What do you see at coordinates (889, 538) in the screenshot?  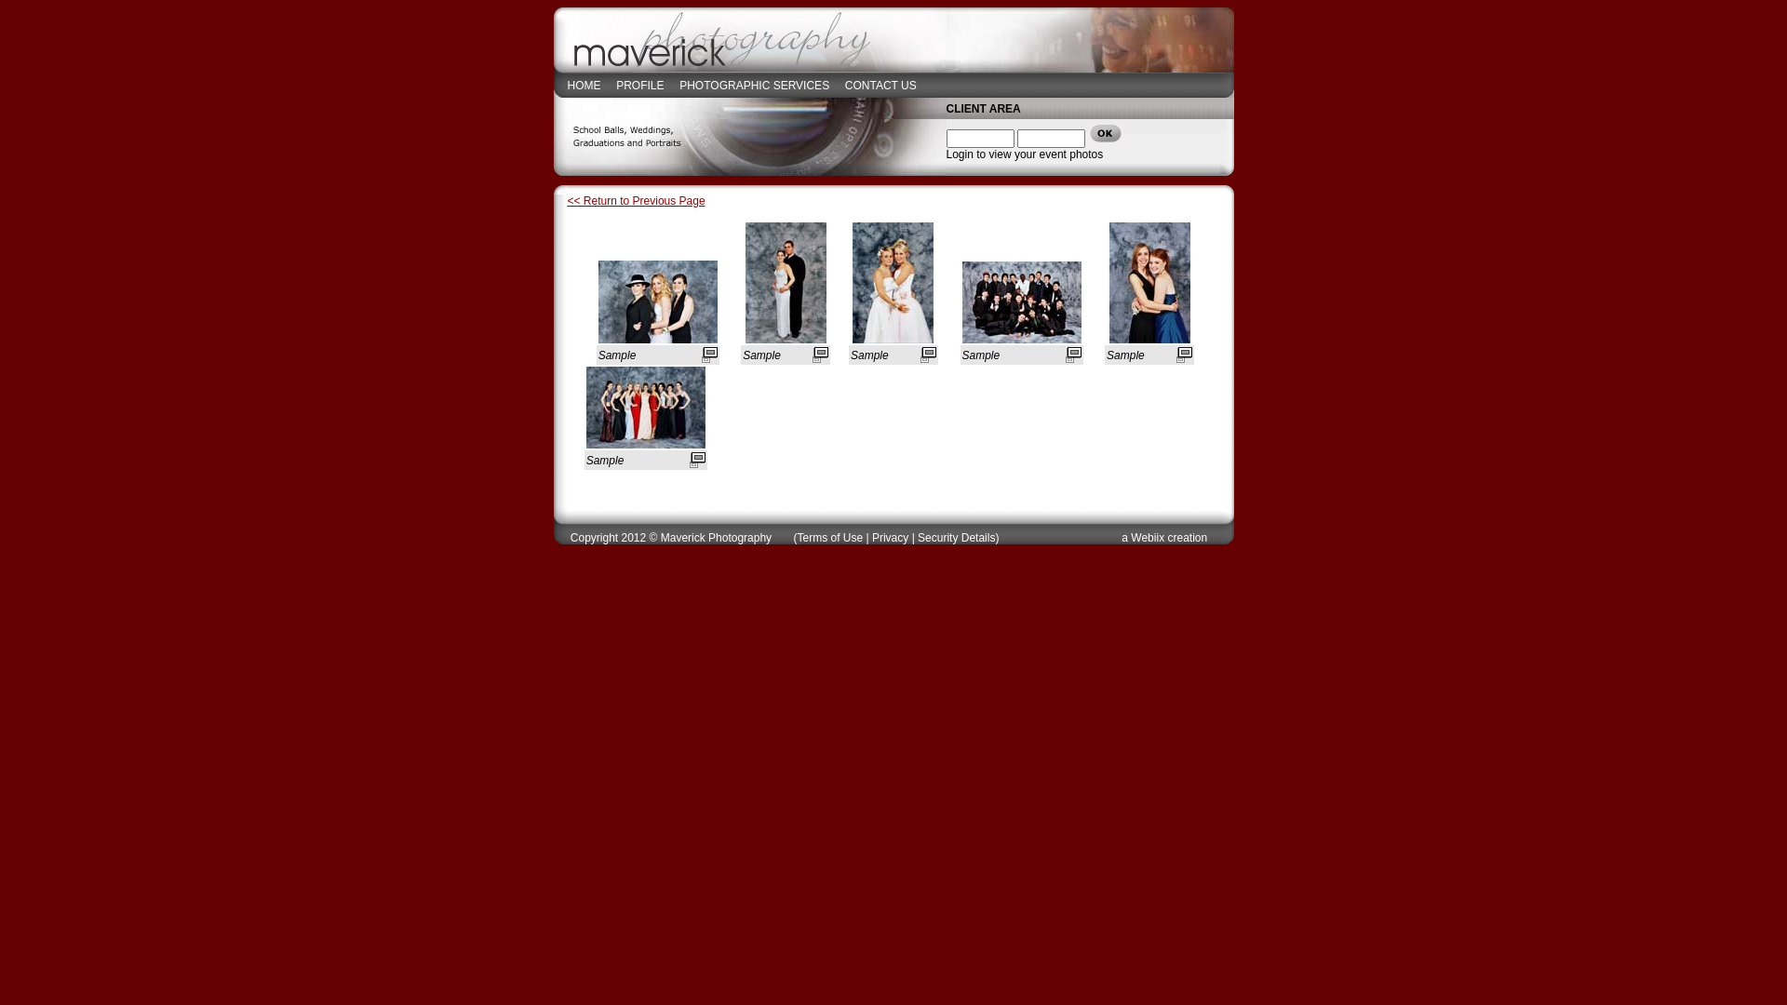 I see `'Privacy'` at bounding box center [889, 538].